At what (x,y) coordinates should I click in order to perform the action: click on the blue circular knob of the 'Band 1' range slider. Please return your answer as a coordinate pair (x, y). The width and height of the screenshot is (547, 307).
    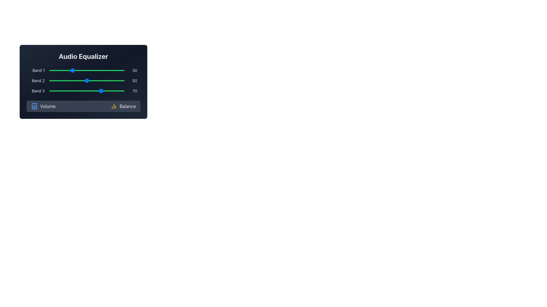
    Looking at the image, I should click on (83, 70).